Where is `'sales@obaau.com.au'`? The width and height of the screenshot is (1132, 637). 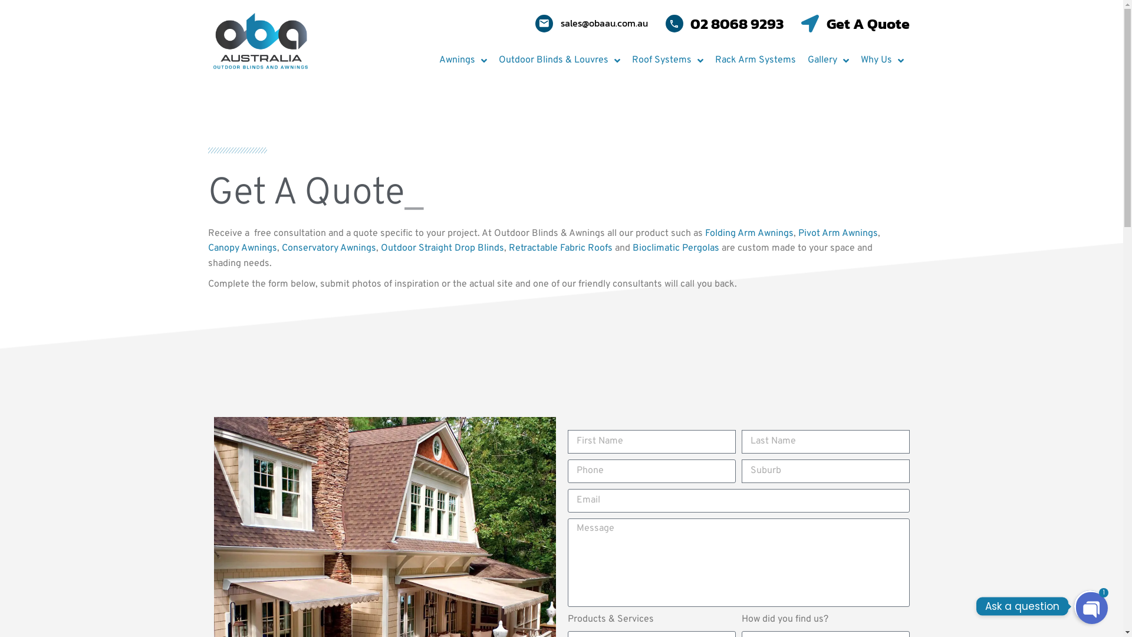 'sales@obaau.com.au' is located at coordinates (591, 23).